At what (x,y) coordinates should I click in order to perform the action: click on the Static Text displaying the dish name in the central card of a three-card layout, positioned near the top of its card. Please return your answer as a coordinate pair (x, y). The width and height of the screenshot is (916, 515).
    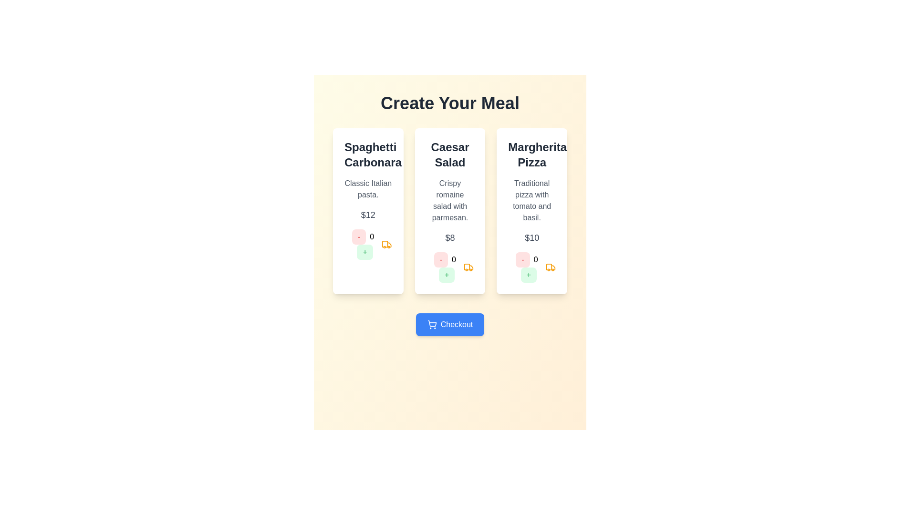
    Looking at the image, I should click on (449, 154).